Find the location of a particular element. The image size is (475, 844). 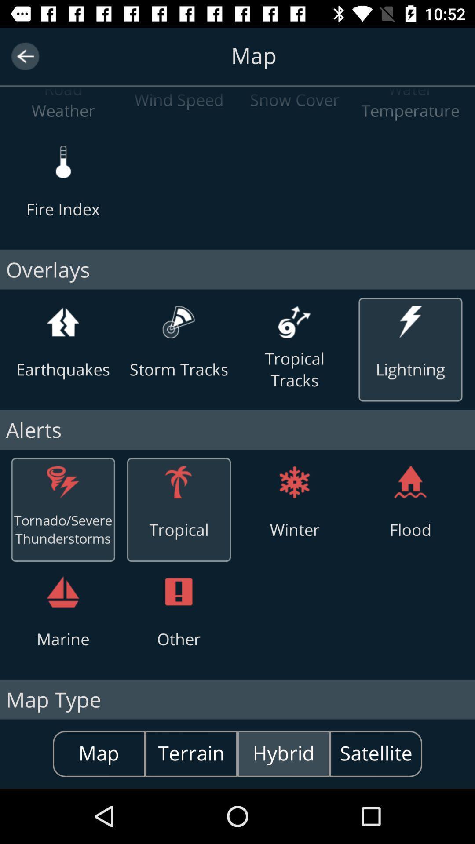

the arrow_backward icon is located at coordinates (25, 56).